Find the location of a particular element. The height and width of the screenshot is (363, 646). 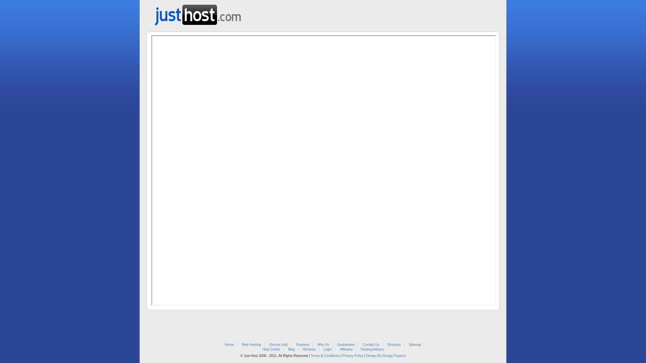

'Home' is located at coordinates (229, 345).